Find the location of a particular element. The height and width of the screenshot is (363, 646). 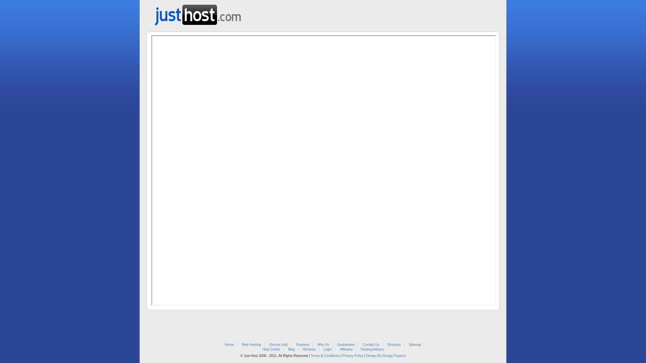

'Home' is located at coordinates (229, 345).